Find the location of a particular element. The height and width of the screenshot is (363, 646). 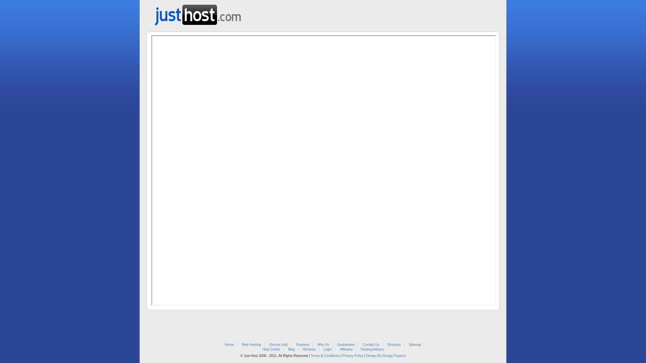

'Home' is located at coordinates (229, 345).